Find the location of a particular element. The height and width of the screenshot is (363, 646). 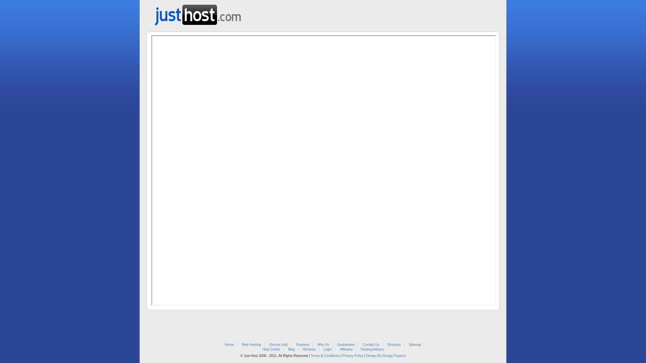

'Home' is located at coordinates (229, 345).